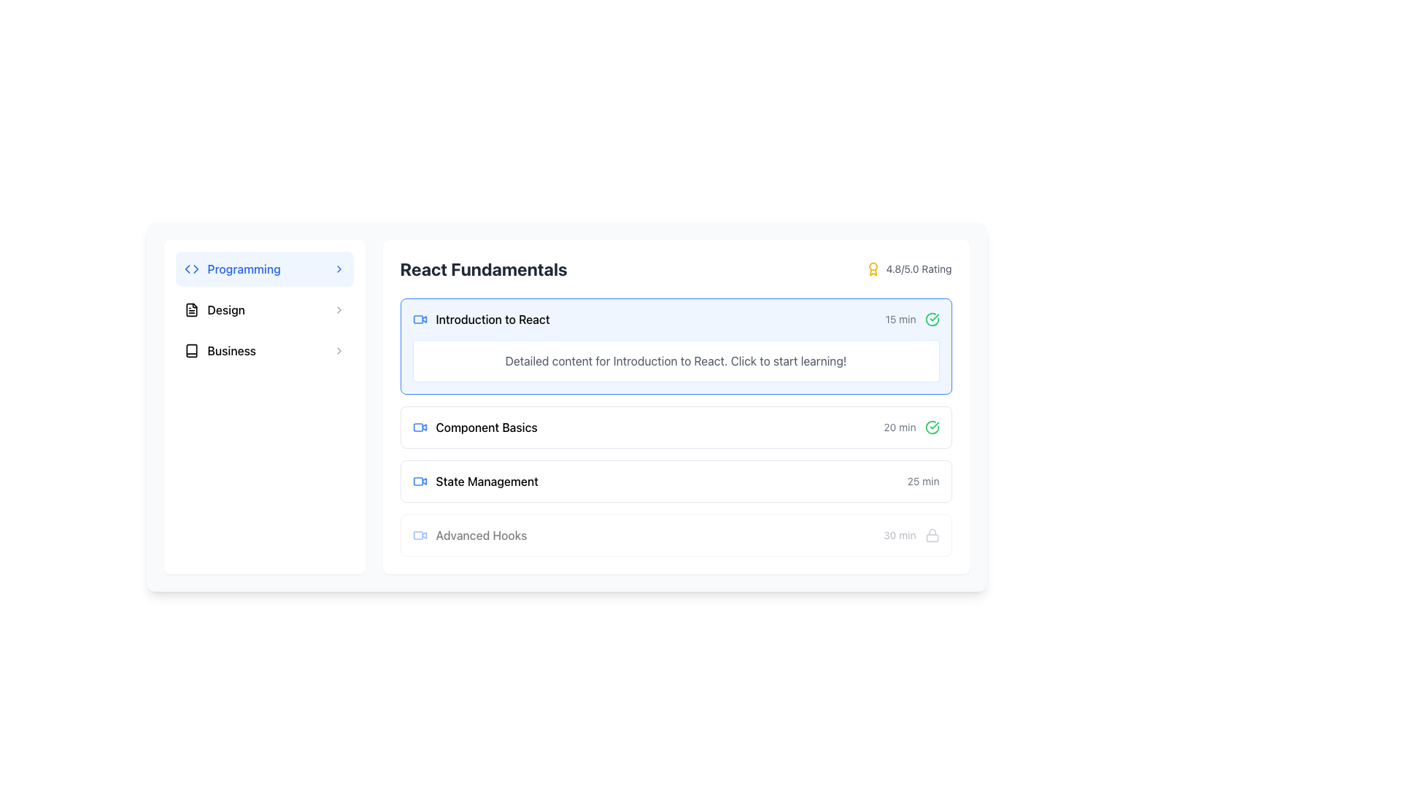  Describe the element at coordinates (931, 319) in the screenshot. I see `the completion status icon located to the far right of the '15 min' label in the same row as the course title 'Introduction to React'` at that location.